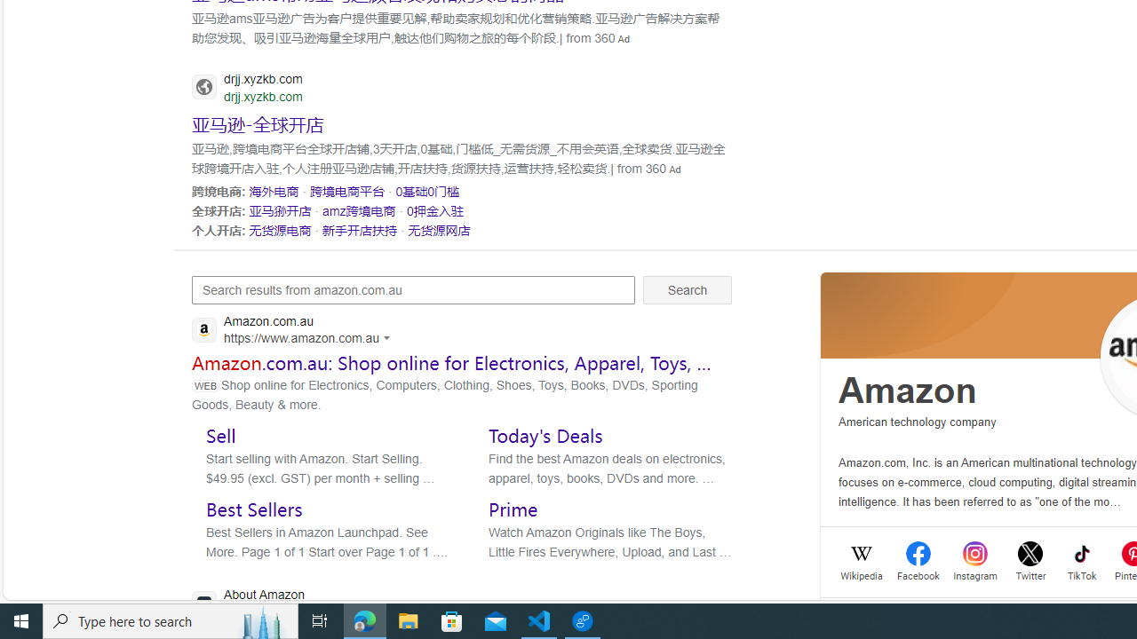 Image resolution: width=1137 pixels, height=639 pixels. Describe the element at coordinates (203, 602) in the screenshot. I see `'Global web icon'` at that location.